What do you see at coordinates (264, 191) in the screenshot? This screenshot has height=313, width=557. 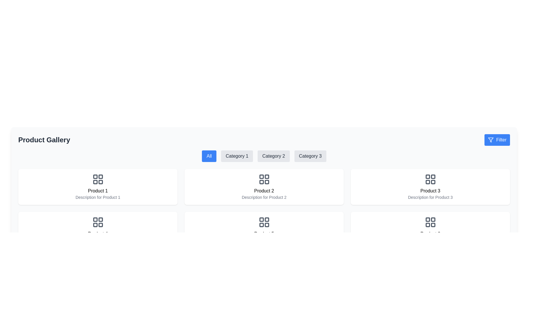 I see `the label displaying the text 'Product 2', which is styled with a medium font weight and is positioned below an icon and above the description 'Description for Product 2' within a card structure in the middle row of a grid layout` at bounding box center [264, 191].